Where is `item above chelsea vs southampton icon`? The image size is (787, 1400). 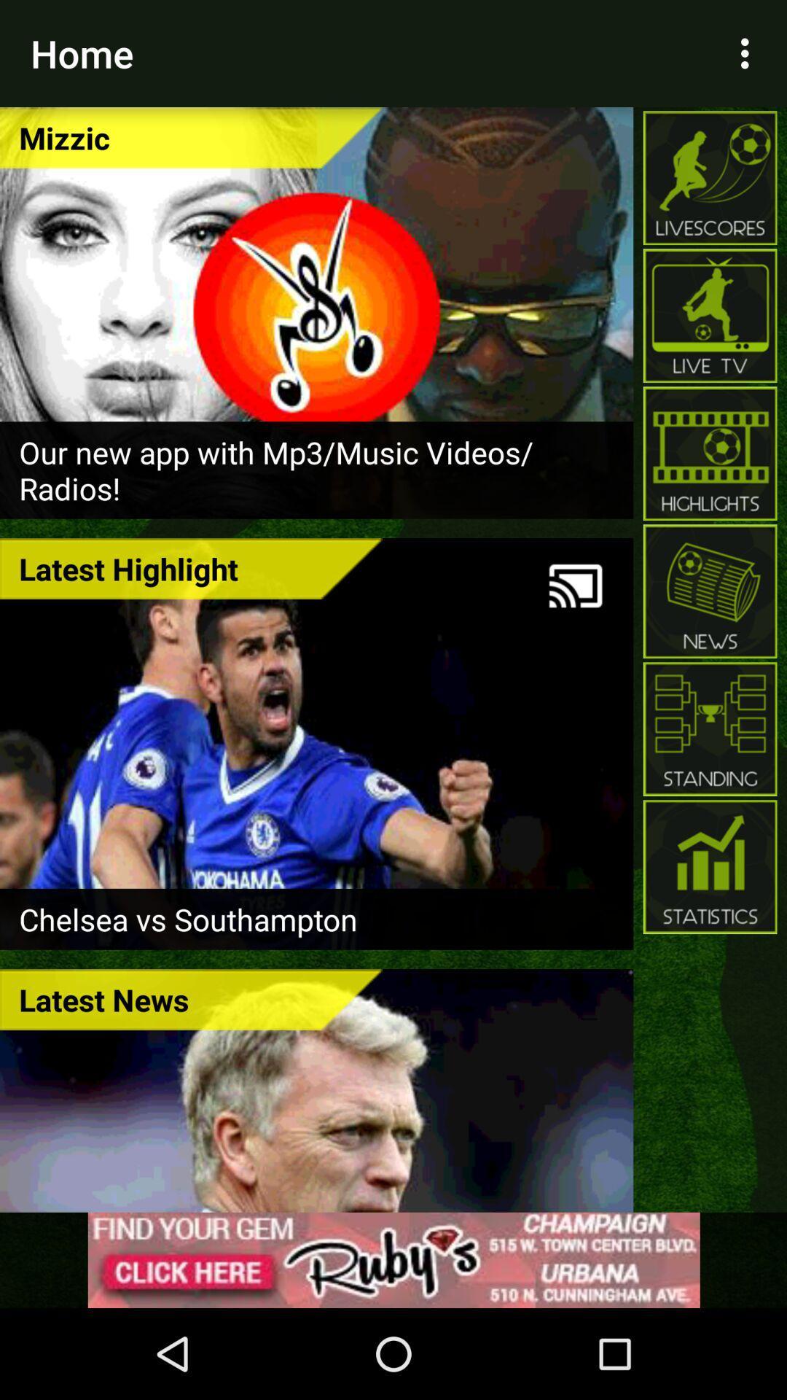
item above chelsea vs southampton icon is located at coordinates (575, 586).